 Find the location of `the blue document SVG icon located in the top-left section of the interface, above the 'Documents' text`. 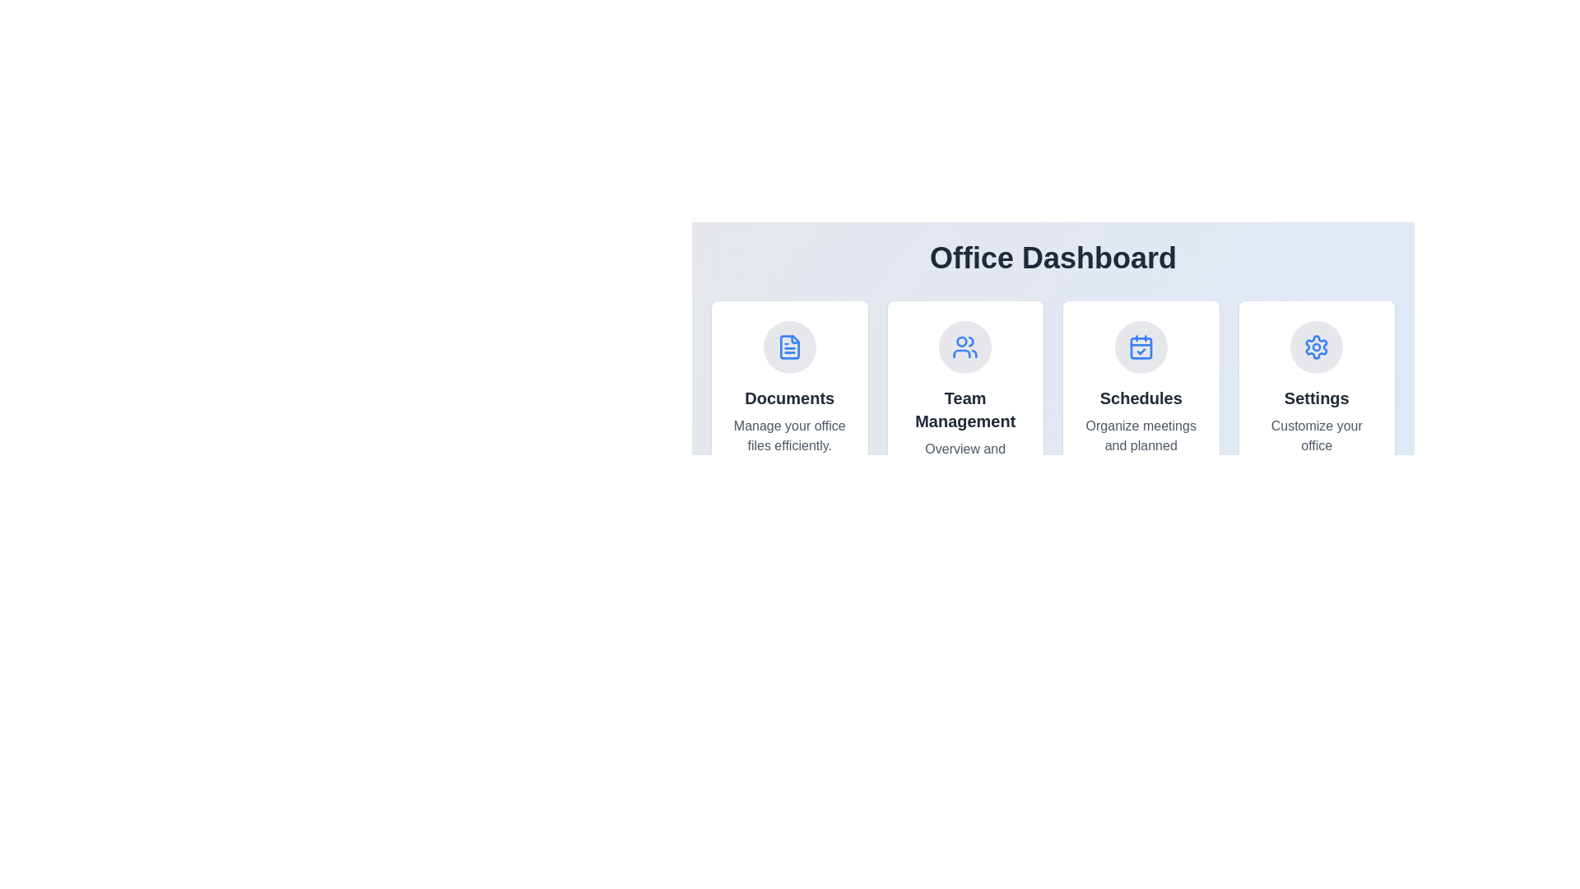

the blue document SVG icon located in the top-left section of the interface, above the 'Documents' text is located at coordinates (788, 346).